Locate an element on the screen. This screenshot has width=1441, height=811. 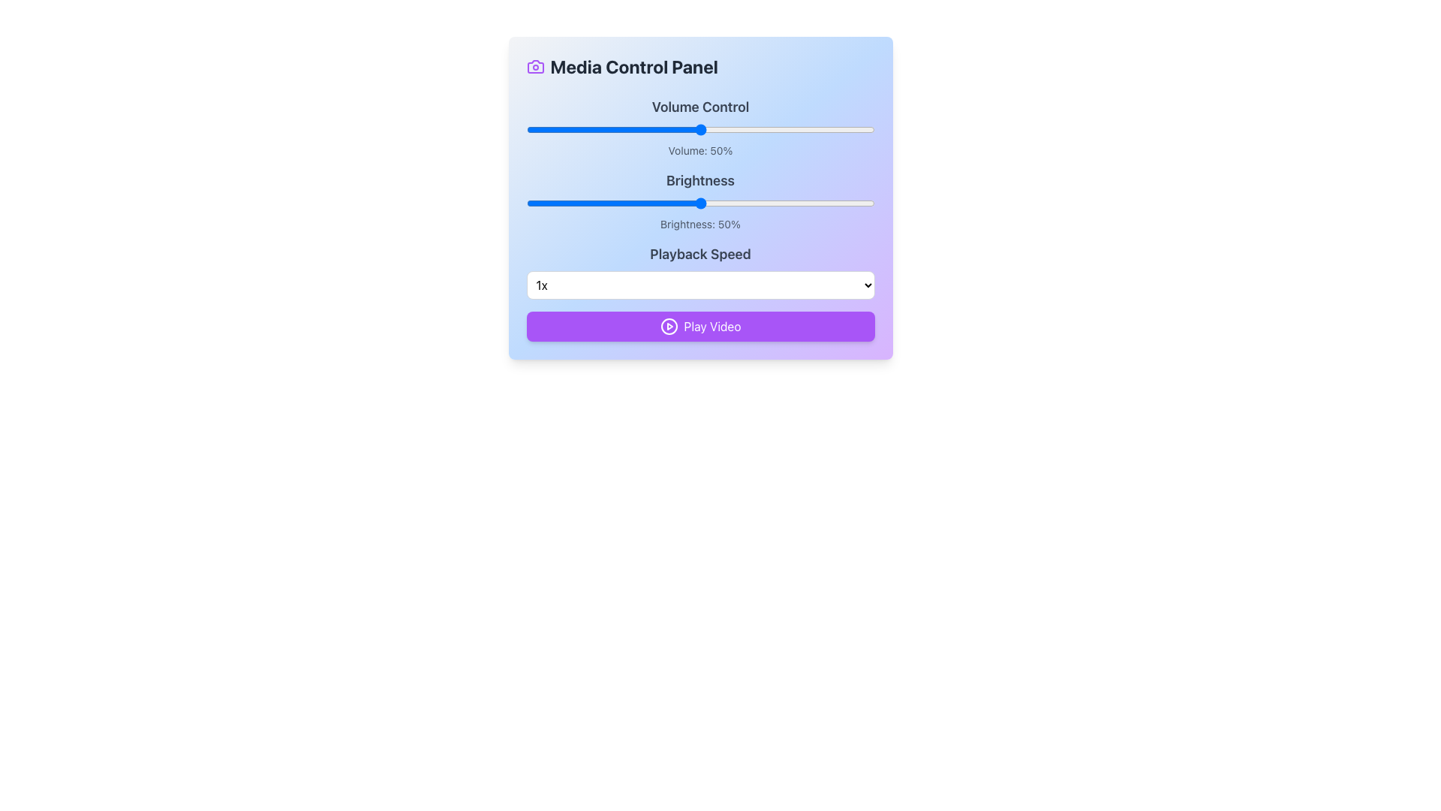
the volume is located at coordinates (585, 129).